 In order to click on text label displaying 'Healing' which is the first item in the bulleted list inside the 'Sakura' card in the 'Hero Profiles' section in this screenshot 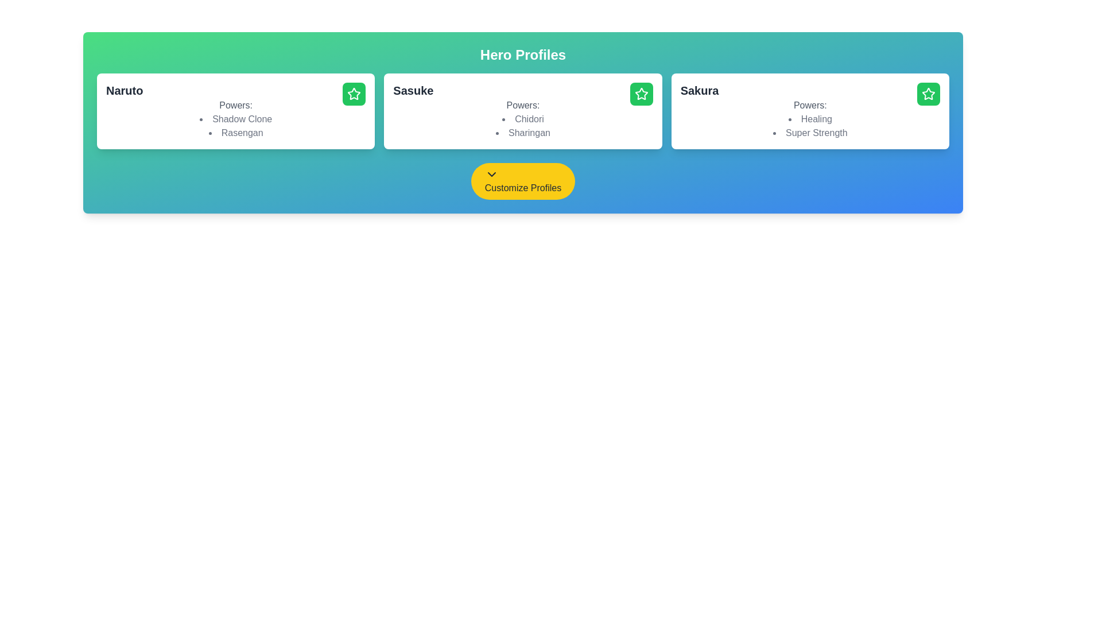, I will do `click(809, 119)`.